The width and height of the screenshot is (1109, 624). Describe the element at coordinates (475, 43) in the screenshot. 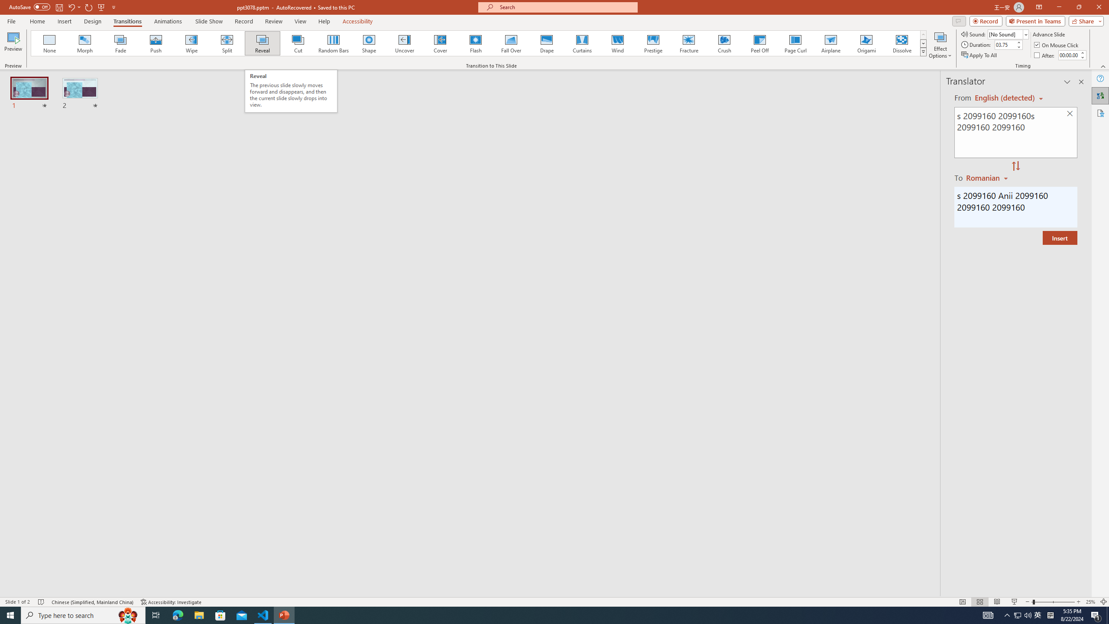

I see `'Flash'` at that location.